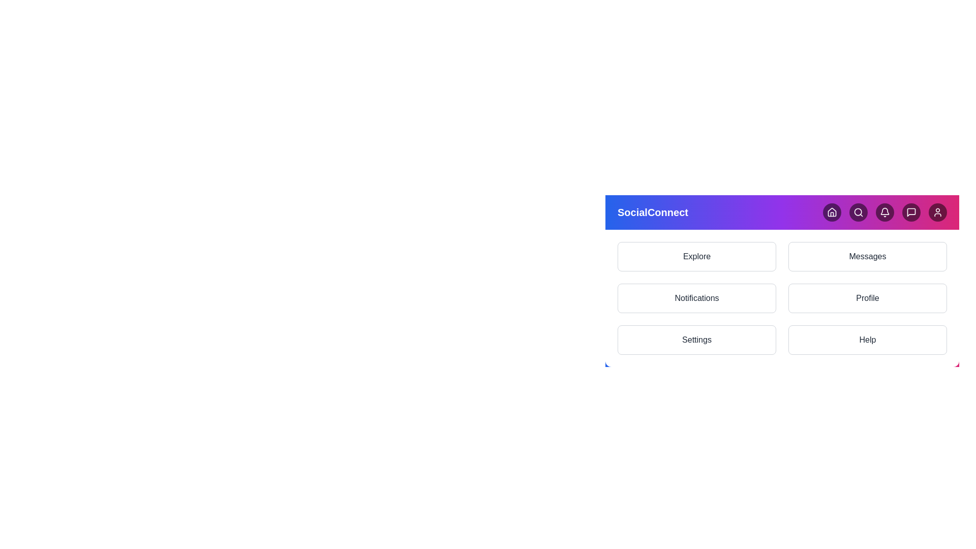  What do you see at coordinates (696, 340) in the screenshot?
I see `the navigation option labeled Settings` at bounding box center [696, 340].